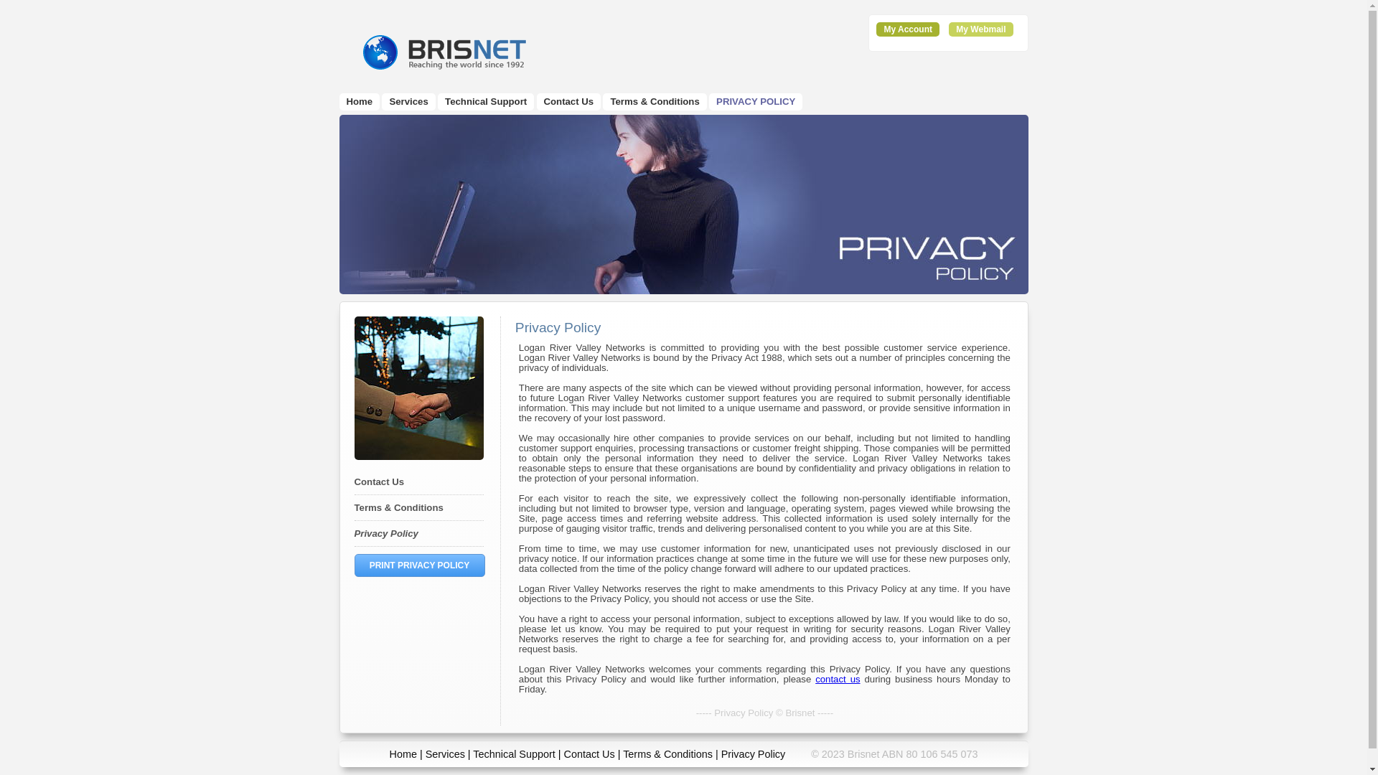 Image resolution: width=1378 pixels, height=775 pixels. Describe the element at coordinates (402, 753) in the screenshot. I see `'Home'` at that location.